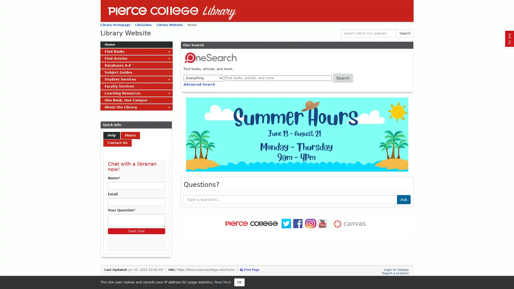  I want to click on Search, so click(405, 33).